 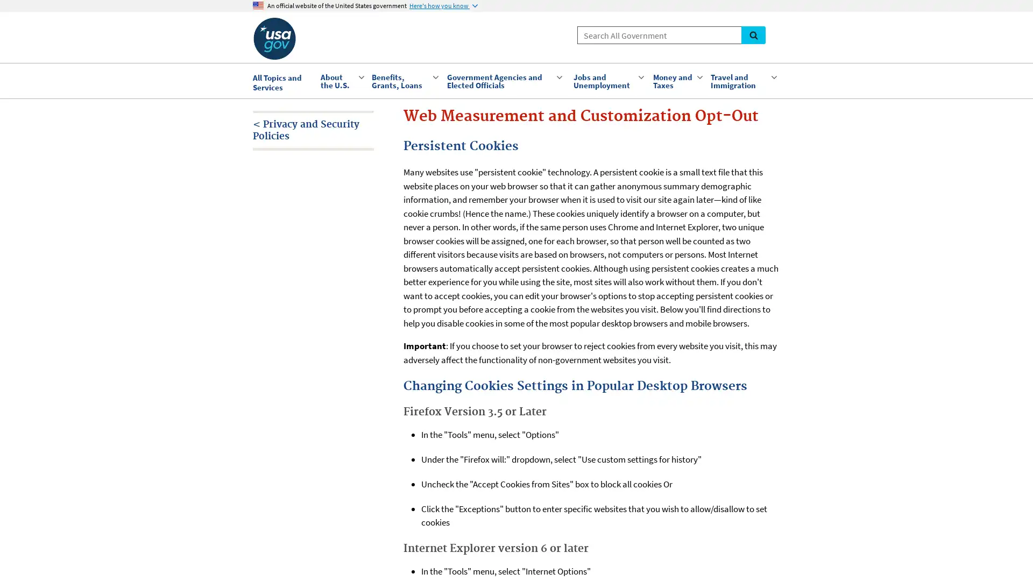 What do you see at coordinates (676, 80) in the screenshot?
I see `Money and Taxes` at bounding box center [676, 80].